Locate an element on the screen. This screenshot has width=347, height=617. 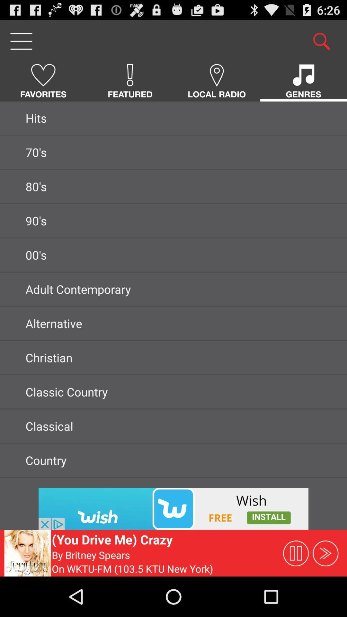
go back is located at coordinates (173, 508).